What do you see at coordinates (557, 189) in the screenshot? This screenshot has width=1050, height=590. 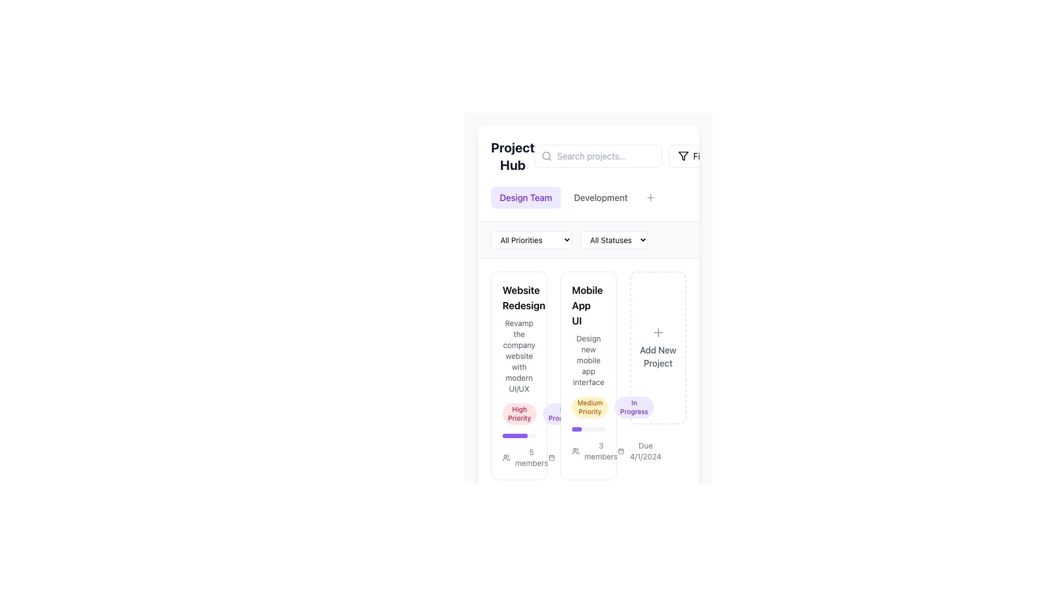 I see `the interactive button located at the top-right corner of the 'Design Team' button` at bounding box center [557, 189].